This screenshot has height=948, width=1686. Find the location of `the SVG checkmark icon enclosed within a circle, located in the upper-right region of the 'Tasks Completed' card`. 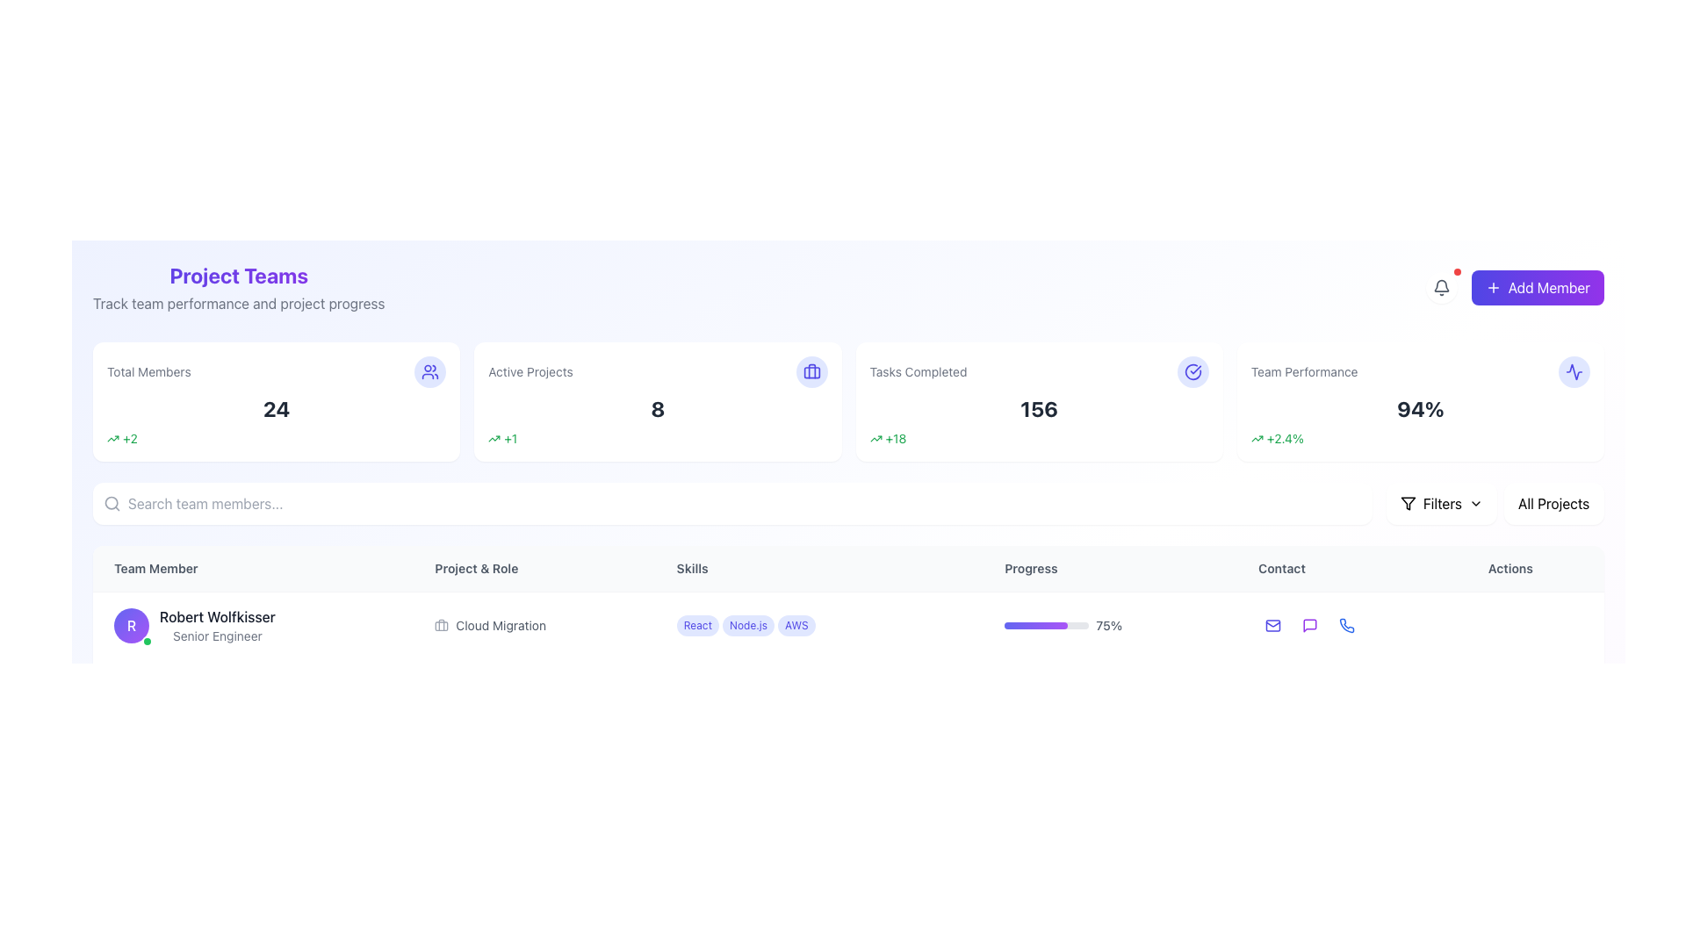

the SVG checkmark icon enclosed within a circle, located in the upper-right region of the 'Tasks Completed' card is located at coordinates (1192, 371).